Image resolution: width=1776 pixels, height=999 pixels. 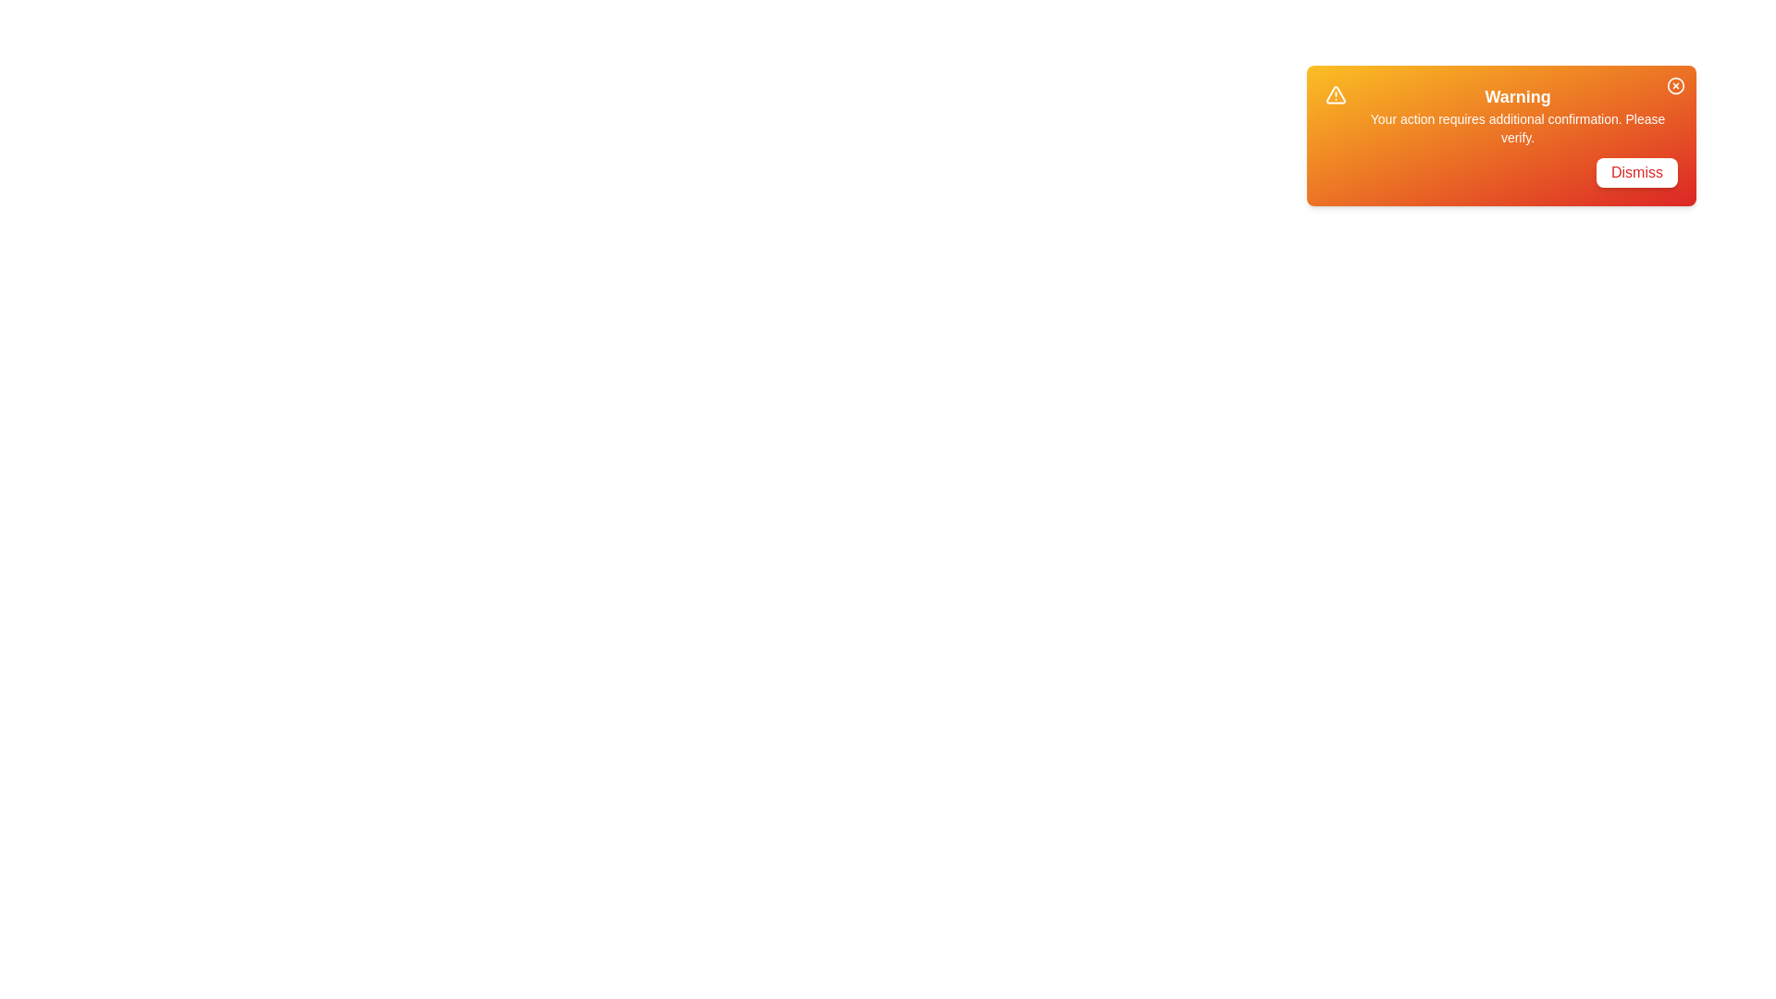 I want to click on the warning icon in the snackbar, so click(x=1336, y=95).